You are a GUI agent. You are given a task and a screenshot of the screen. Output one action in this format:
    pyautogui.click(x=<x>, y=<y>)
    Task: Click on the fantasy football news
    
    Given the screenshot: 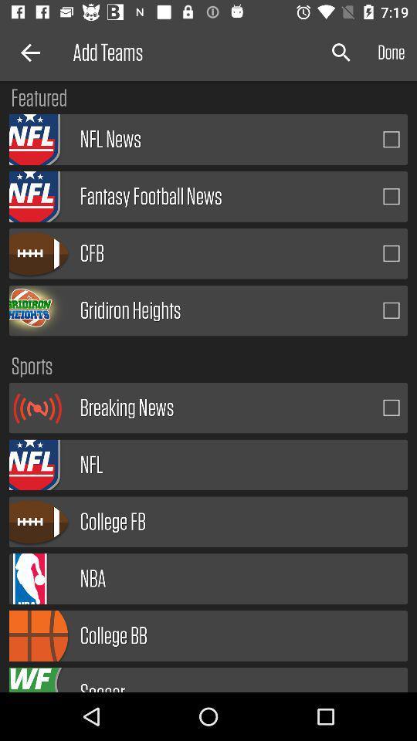 What is the action you would take?
    pyautogui.click(x=392, y=195)
    